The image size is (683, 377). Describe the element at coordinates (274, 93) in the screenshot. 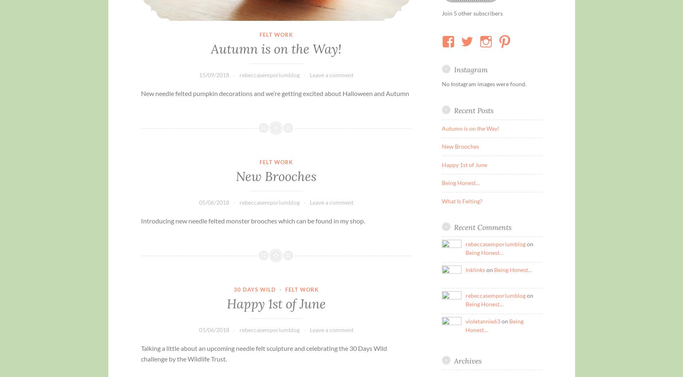

I see `'New needle felted pumpkin decorations and we’re getting excited about Halloween and Autumn'` at that location.